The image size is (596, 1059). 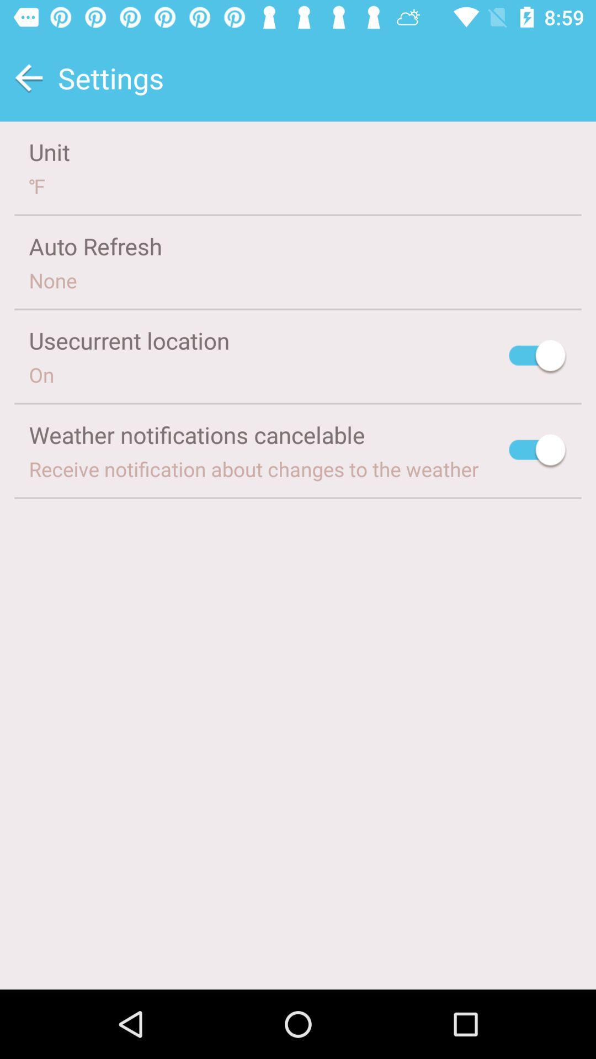 I want to click on item to the right of the usecurrent location item, so click(x=538, y=357).